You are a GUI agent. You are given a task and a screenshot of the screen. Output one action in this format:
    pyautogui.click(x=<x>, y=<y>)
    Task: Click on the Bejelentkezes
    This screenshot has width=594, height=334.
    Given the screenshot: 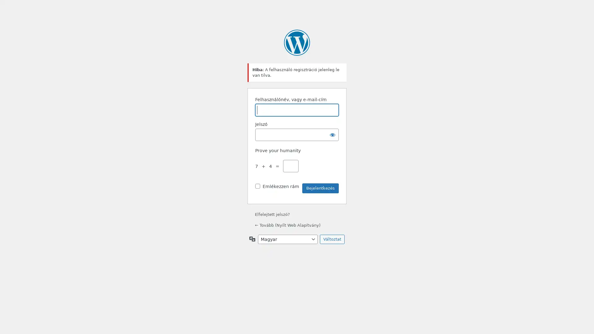 What is the action you would take?
    pyautogui.click(x=321, y=188)
    